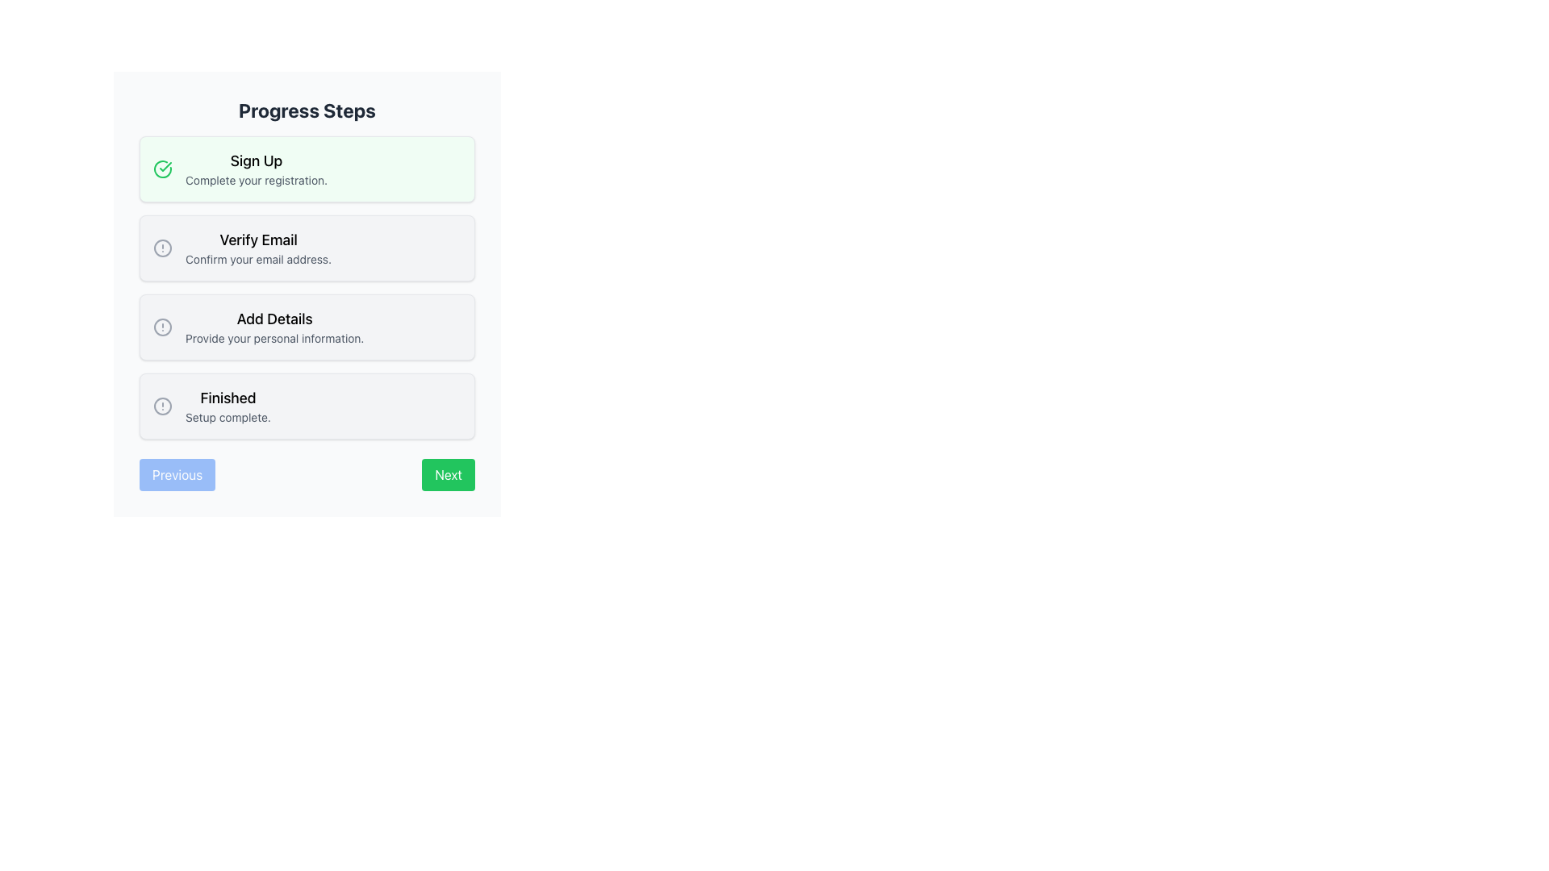 This screenshot has height=871, width=1549. What do you see at coordinates (162, 327) in the screenshot?
I see `the filled circle element within the alert icon next to the 'Add Details' step description` at bounding box center [162, 327].